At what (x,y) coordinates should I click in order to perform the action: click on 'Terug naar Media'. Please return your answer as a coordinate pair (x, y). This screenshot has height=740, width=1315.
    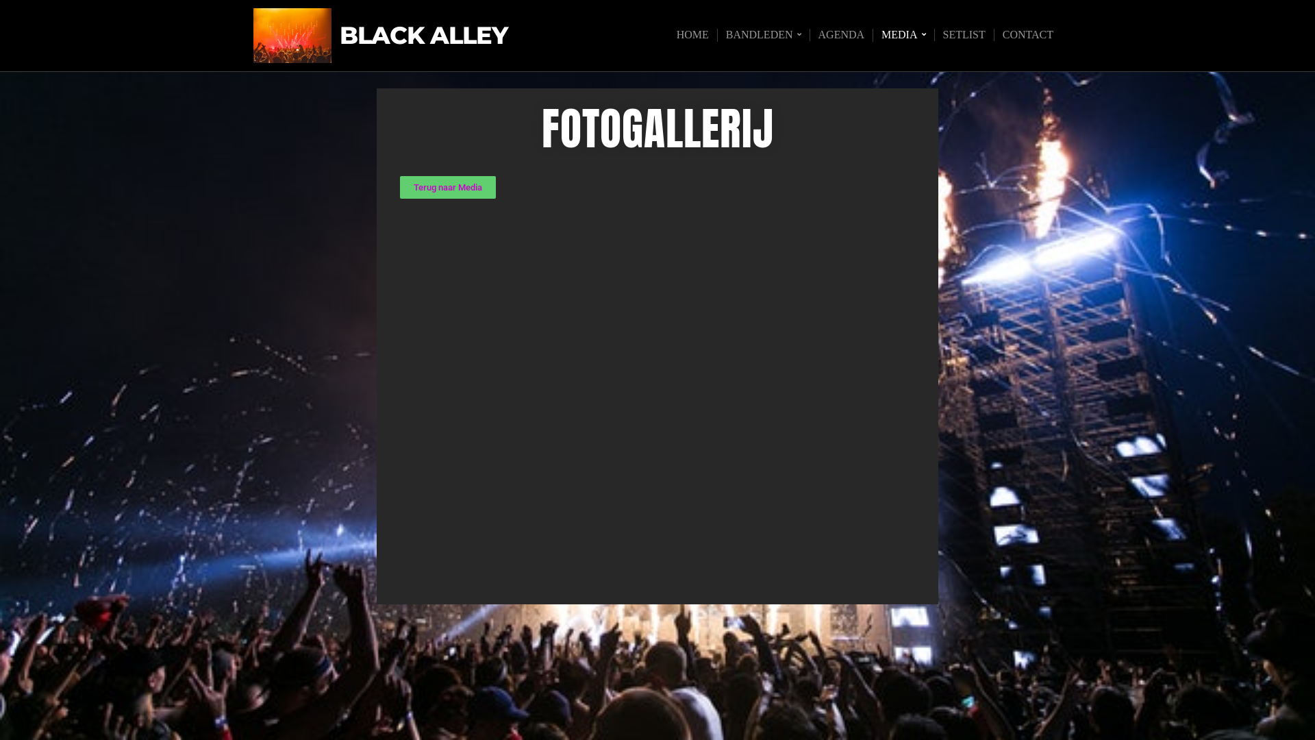
    Looking at the image, I should click on (399, 187).